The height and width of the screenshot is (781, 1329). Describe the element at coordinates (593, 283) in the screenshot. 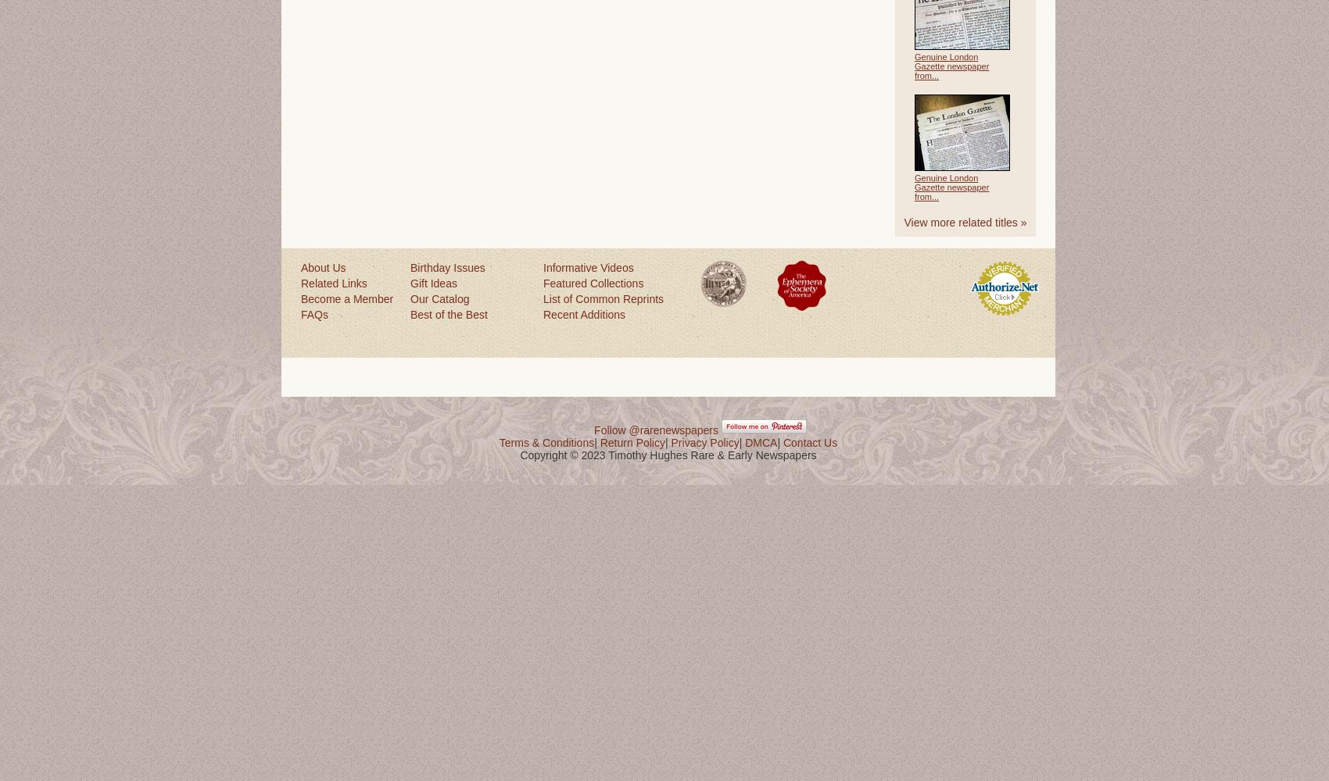

I see `'Featured Collections'` at that location.